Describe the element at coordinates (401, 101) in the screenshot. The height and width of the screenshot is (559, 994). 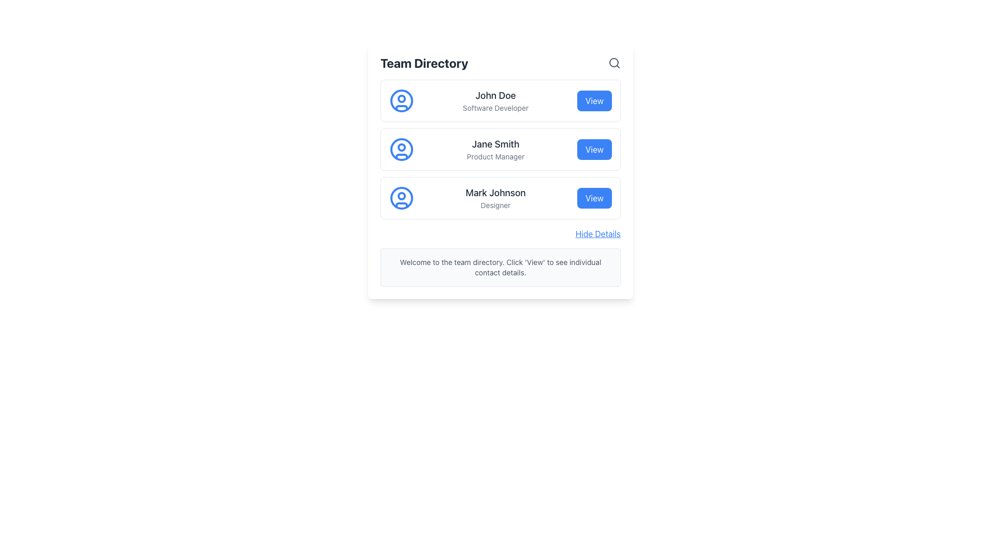
I see `the user's avatar icon, which is a circular icon with a blue outline located at the top-left corner of the first row in the team directory list, adjacent to the text 'John Doe'` at that location.